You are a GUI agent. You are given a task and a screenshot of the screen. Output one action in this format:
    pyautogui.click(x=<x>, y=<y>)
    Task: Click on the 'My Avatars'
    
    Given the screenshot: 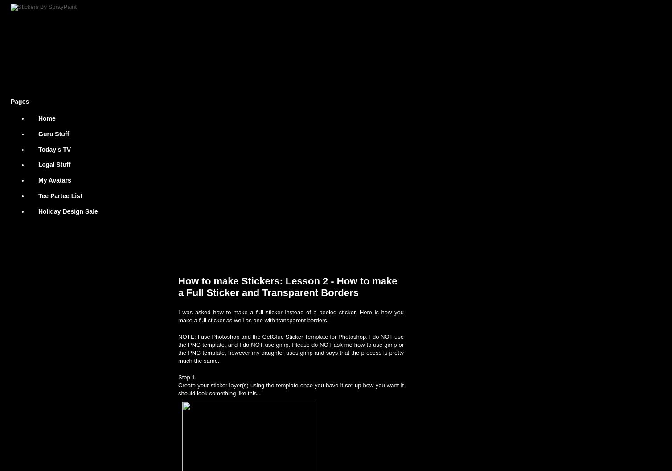 What is the action you would take?
    pyautogui.click(x=54, y=180)
    